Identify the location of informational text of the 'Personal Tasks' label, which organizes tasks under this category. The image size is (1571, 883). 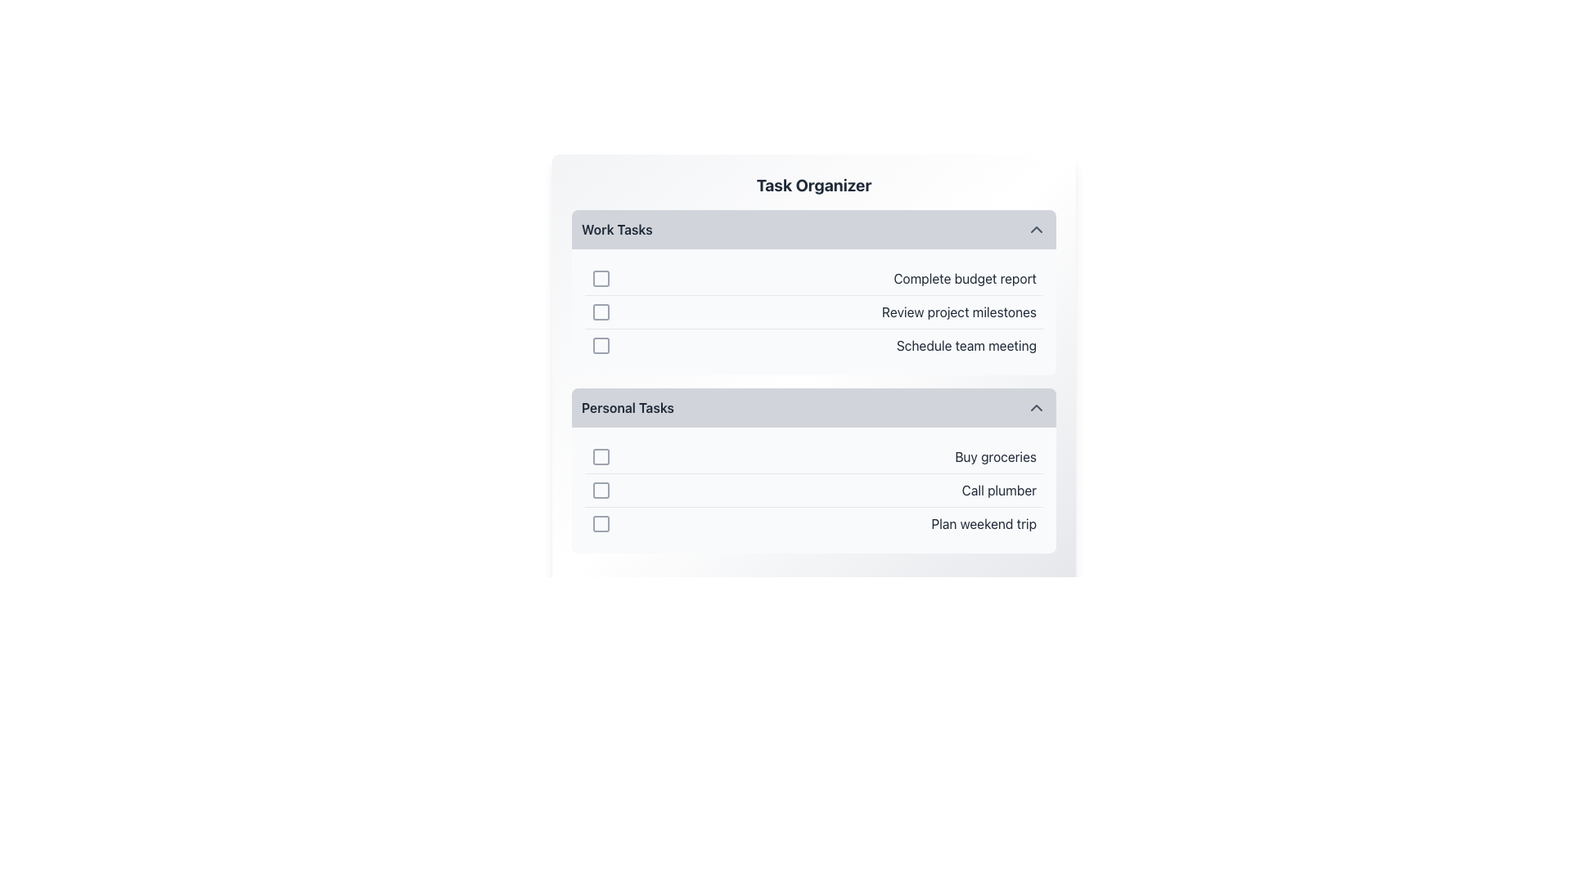
(627, 406).